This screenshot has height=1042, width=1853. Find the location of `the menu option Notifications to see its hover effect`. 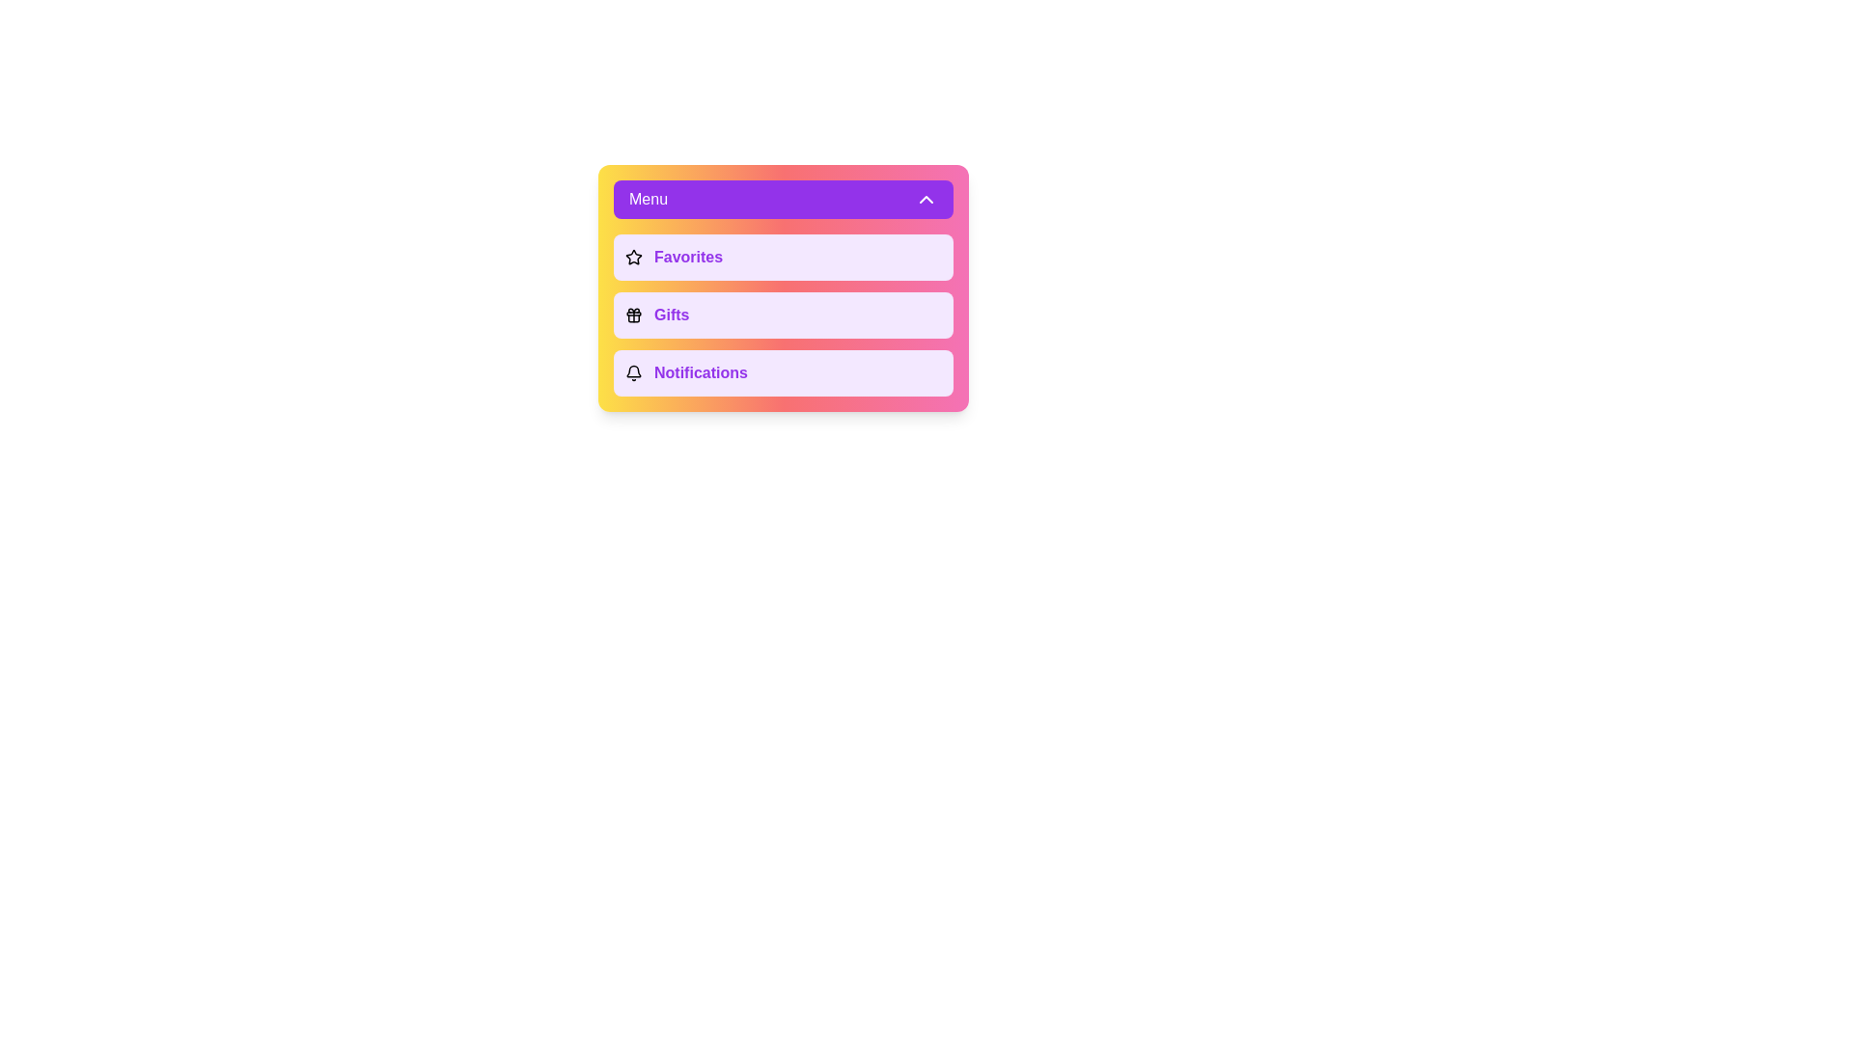

the menu option Notifications to see its hover effect is located at coordinates (783, 372).